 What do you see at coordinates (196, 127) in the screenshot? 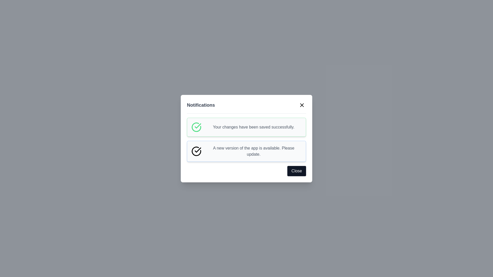
I see `the success confirmation icon located to the left of the message 'Your changes have been saved successfully' in the notification modal` at bounding box center [196, 127].